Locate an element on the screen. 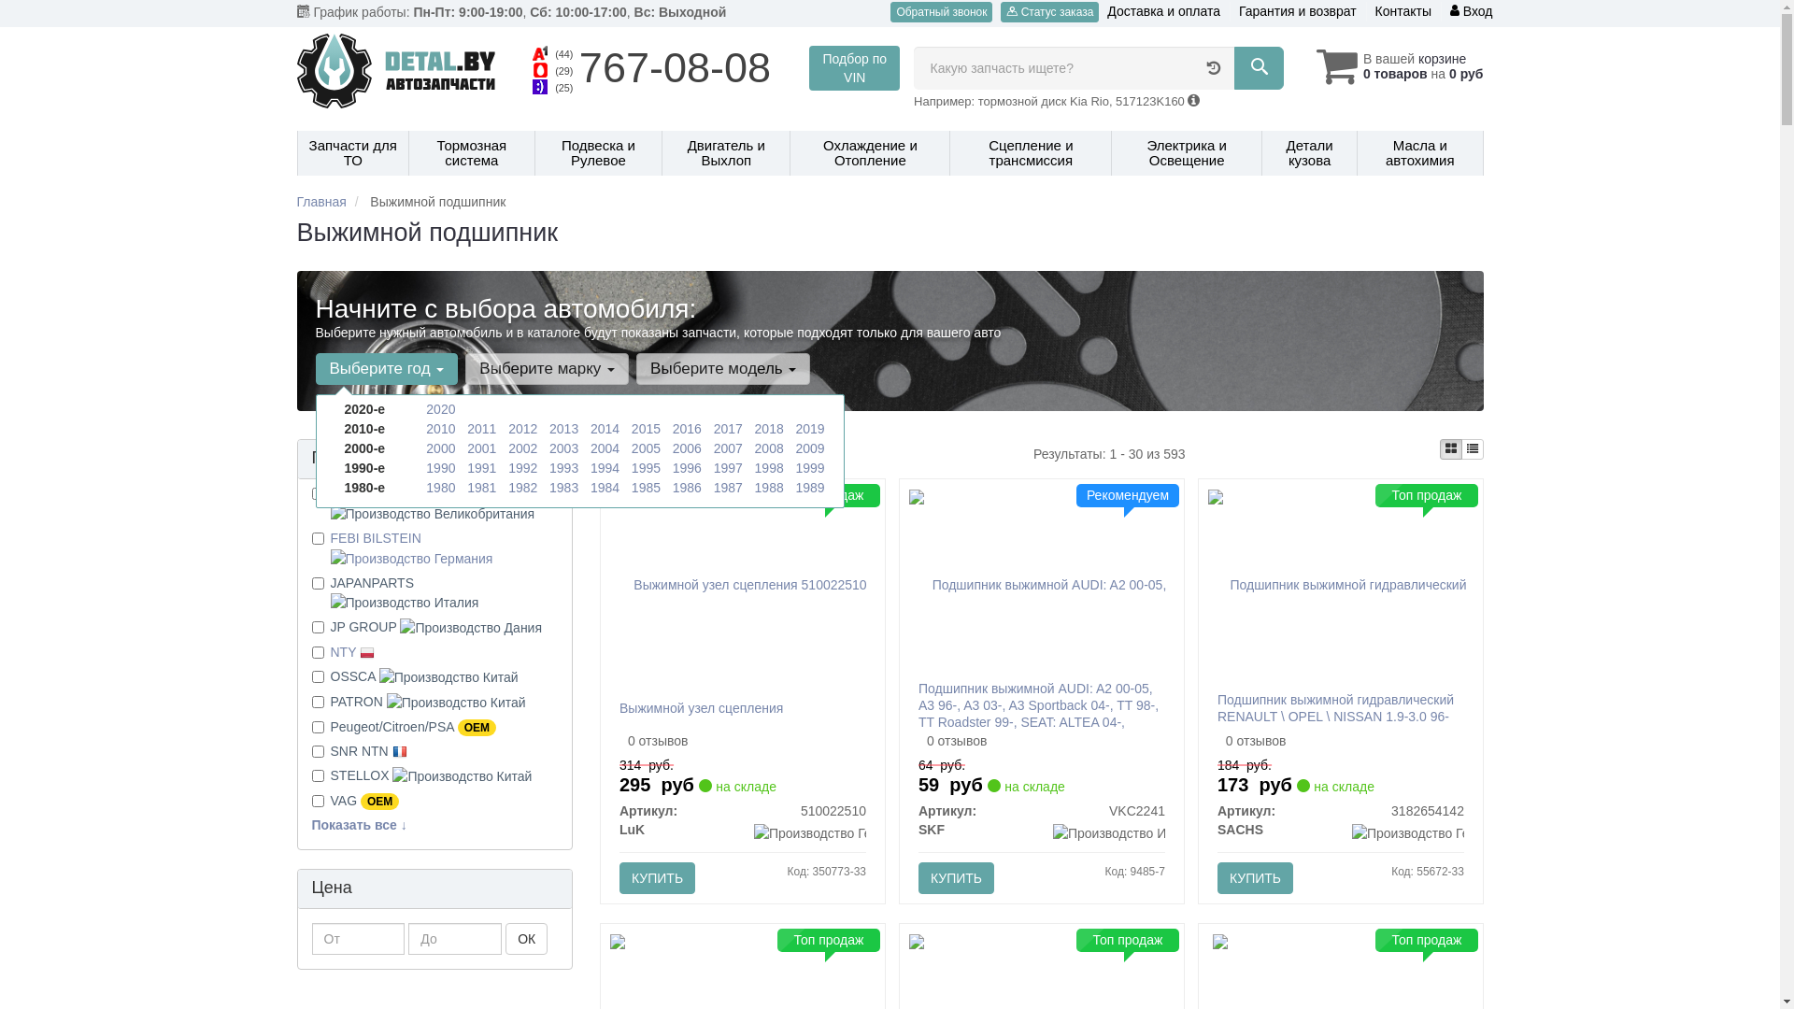 The width and height of the screenshot is (1794, 1009). '2012' is located at coordinates (522, 429).